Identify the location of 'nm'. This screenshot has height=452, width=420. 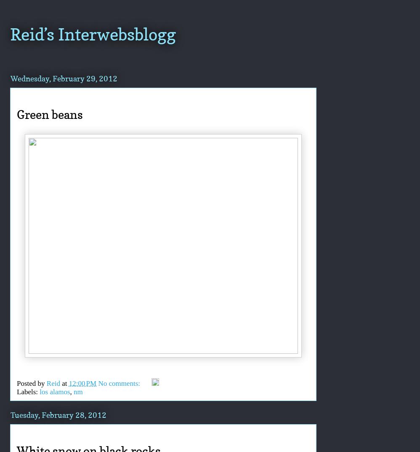
(77, 391).